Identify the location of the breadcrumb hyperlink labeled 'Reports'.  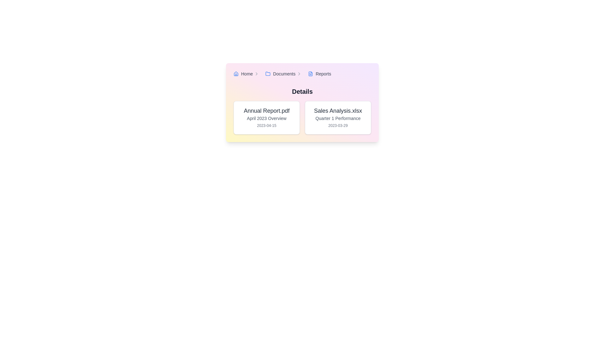
(323, 74).